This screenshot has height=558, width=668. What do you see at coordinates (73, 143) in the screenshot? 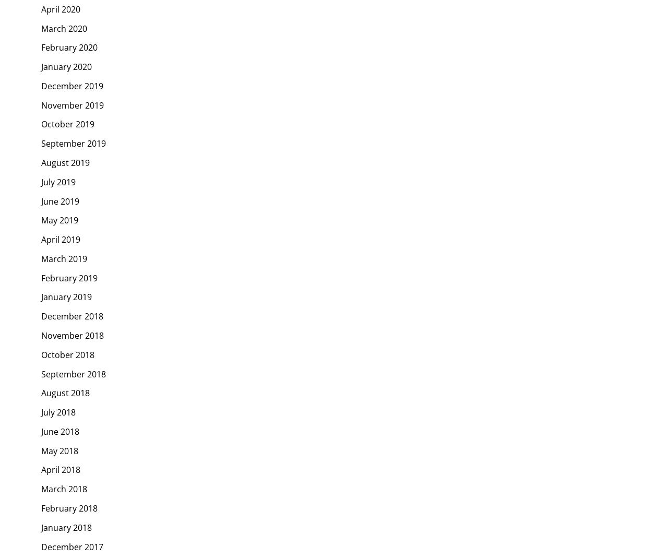
I see `'September 2019'` at bounding box center [73, 143].